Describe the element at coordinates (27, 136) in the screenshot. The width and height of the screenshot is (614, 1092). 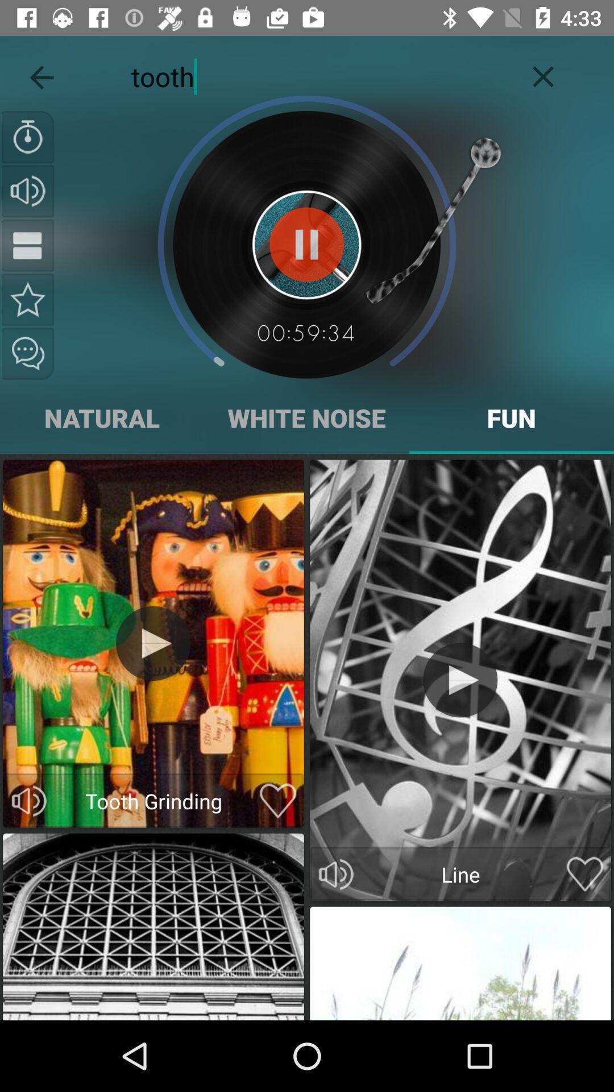
I see `timer` at that location.